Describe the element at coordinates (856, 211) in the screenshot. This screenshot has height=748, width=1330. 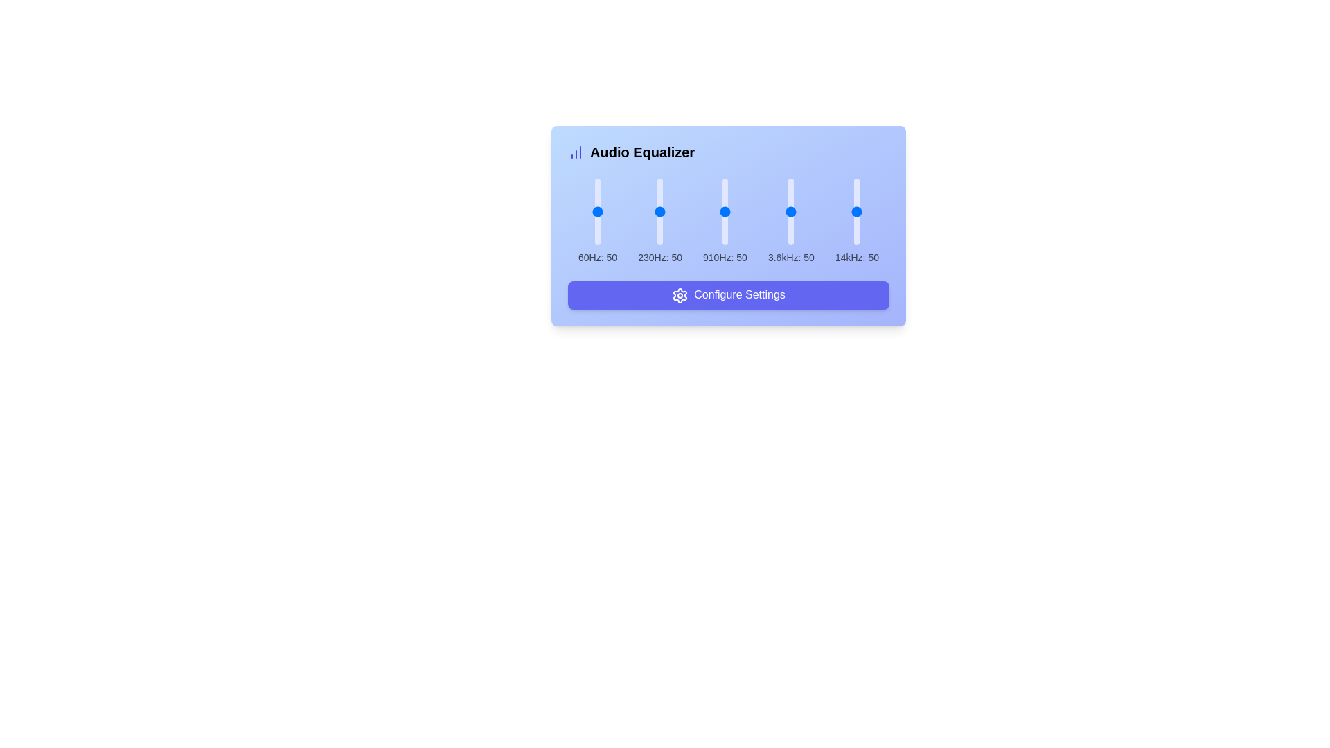
I see `the slider for the '14kHz' parameter in the audio equalizer interface` at that location.